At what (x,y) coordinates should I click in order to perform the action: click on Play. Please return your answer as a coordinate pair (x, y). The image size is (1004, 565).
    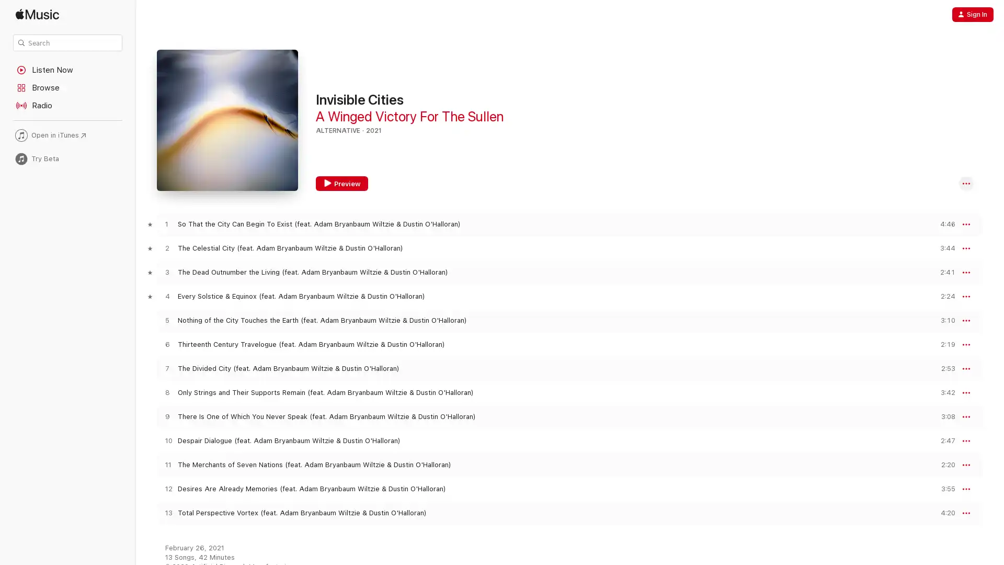
    Looking at the image, I should click on (166, 248).